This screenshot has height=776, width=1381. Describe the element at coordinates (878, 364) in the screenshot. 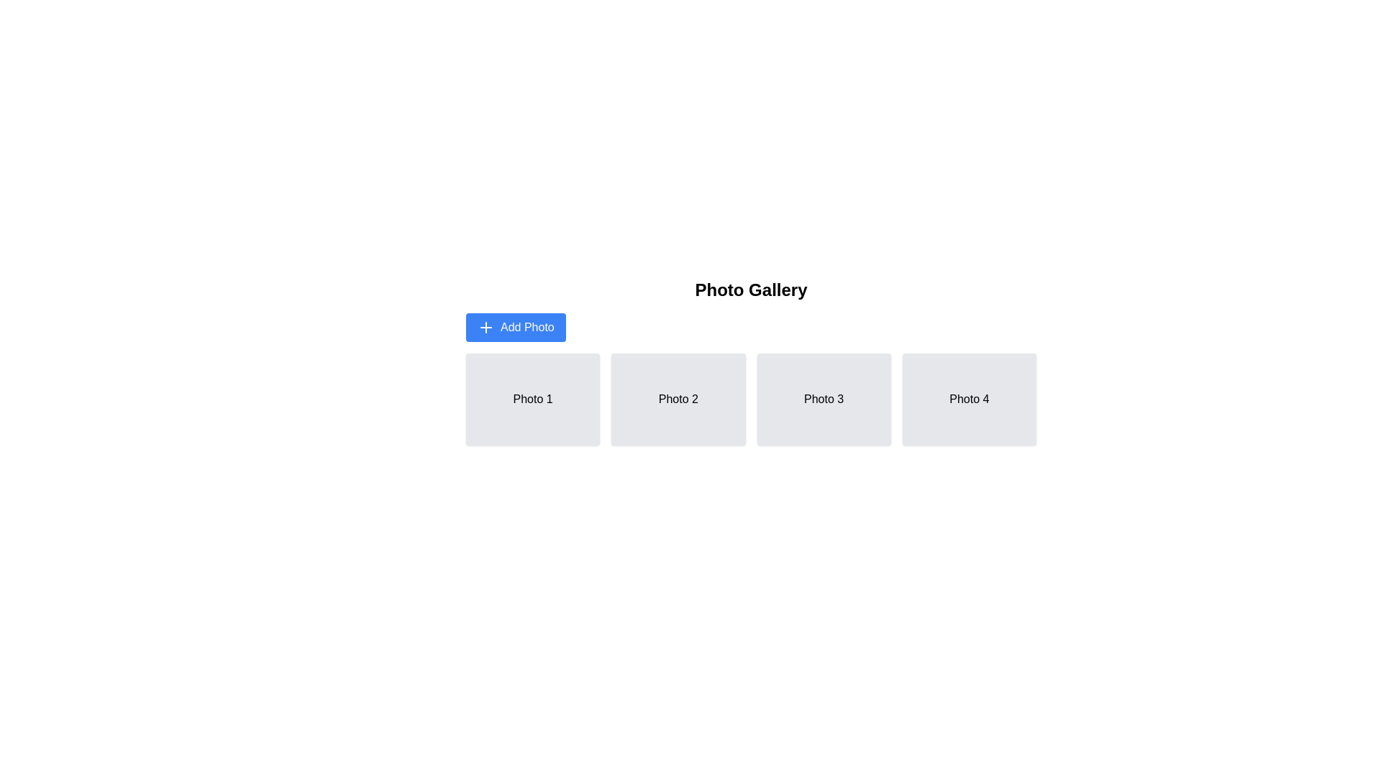

I see `the small 'X' icon button in red circular background located at the upper-right corner of the box labeled 'Photo 3'` at that location.